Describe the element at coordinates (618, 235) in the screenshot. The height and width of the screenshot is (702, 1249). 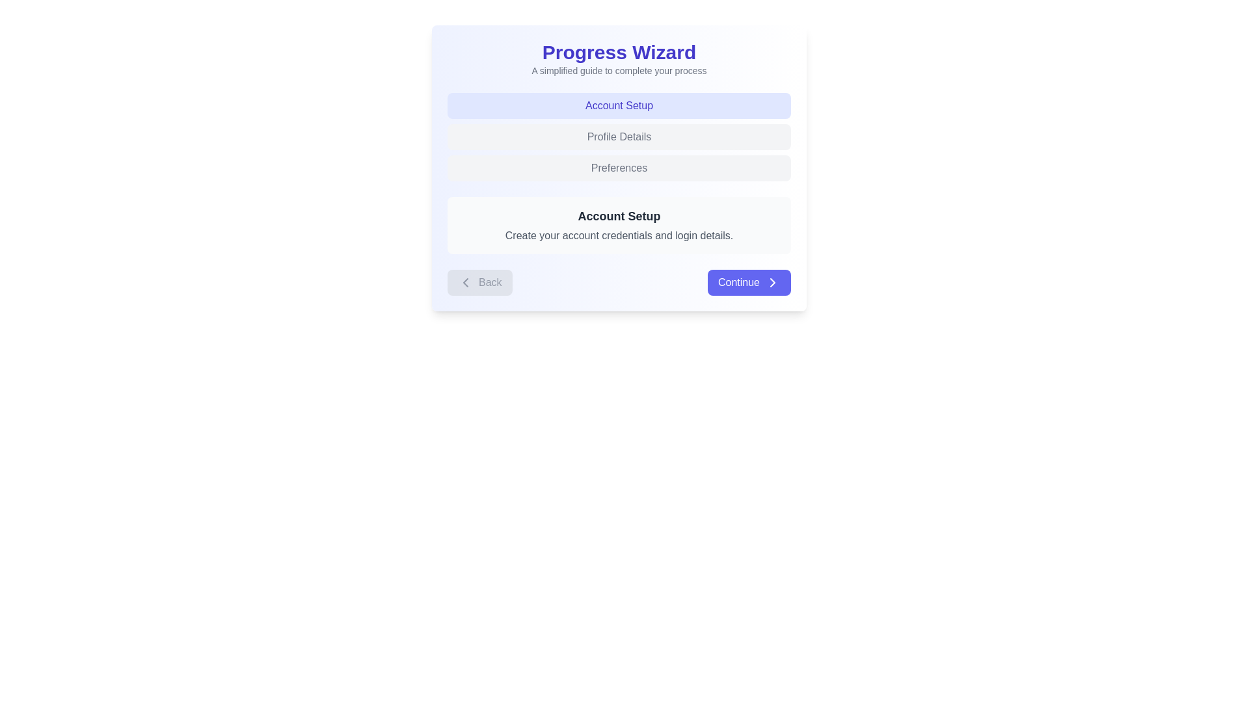
I see `the text label that contains the message 'Create your account credentials and login details.' which is located below the 'Account Setup' heading in a light-gray background box` at that location.